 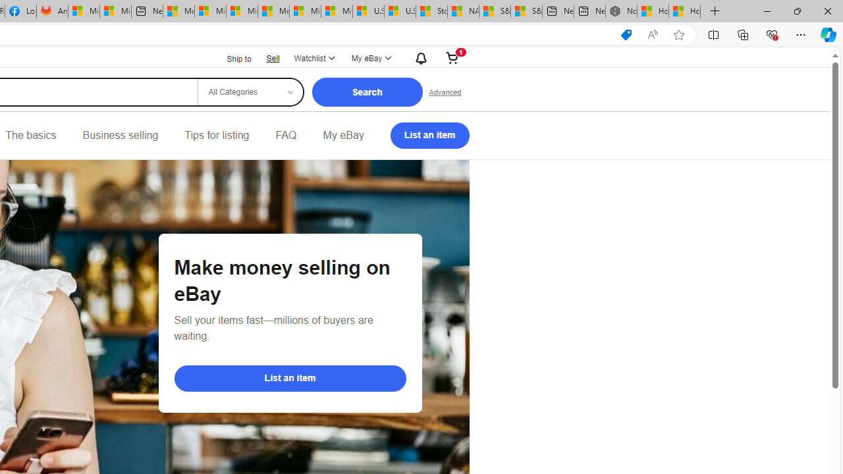 What do you see at coordinates (343, 135) in the screenshot?
I see `'My eBay'` at bounding box center [343, 135].